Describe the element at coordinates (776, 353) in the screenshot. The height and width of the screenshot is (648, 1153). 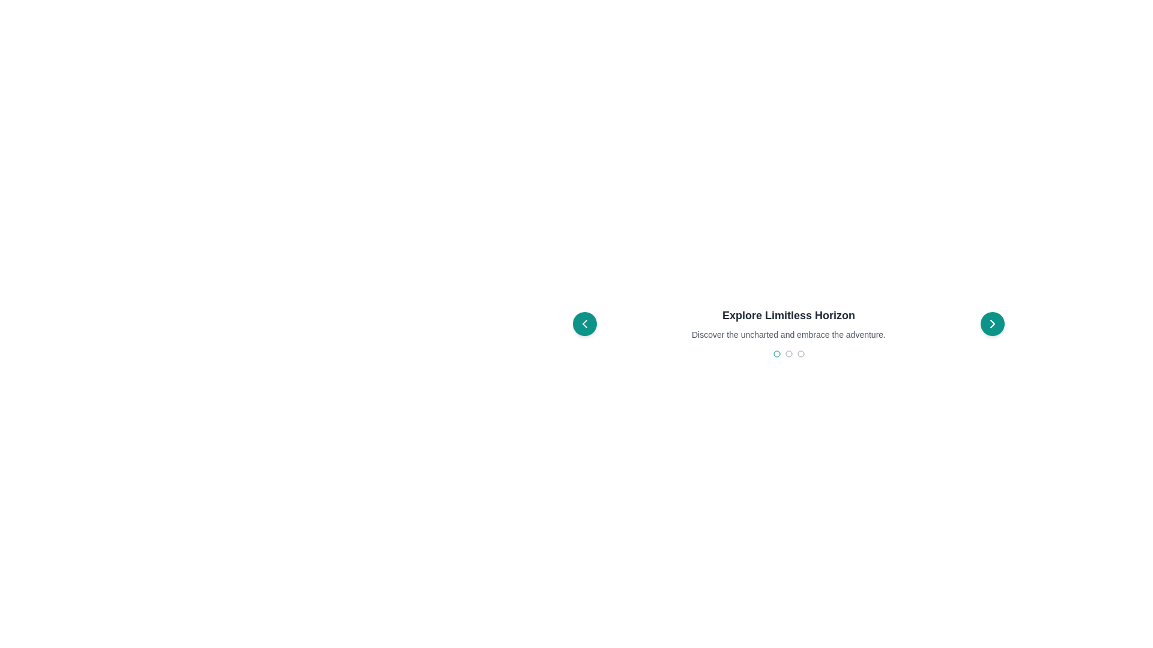
I see `the first circular navigation indicator located below the text 'Explore Limitless Horizon' via keyboard navigation` at that location.